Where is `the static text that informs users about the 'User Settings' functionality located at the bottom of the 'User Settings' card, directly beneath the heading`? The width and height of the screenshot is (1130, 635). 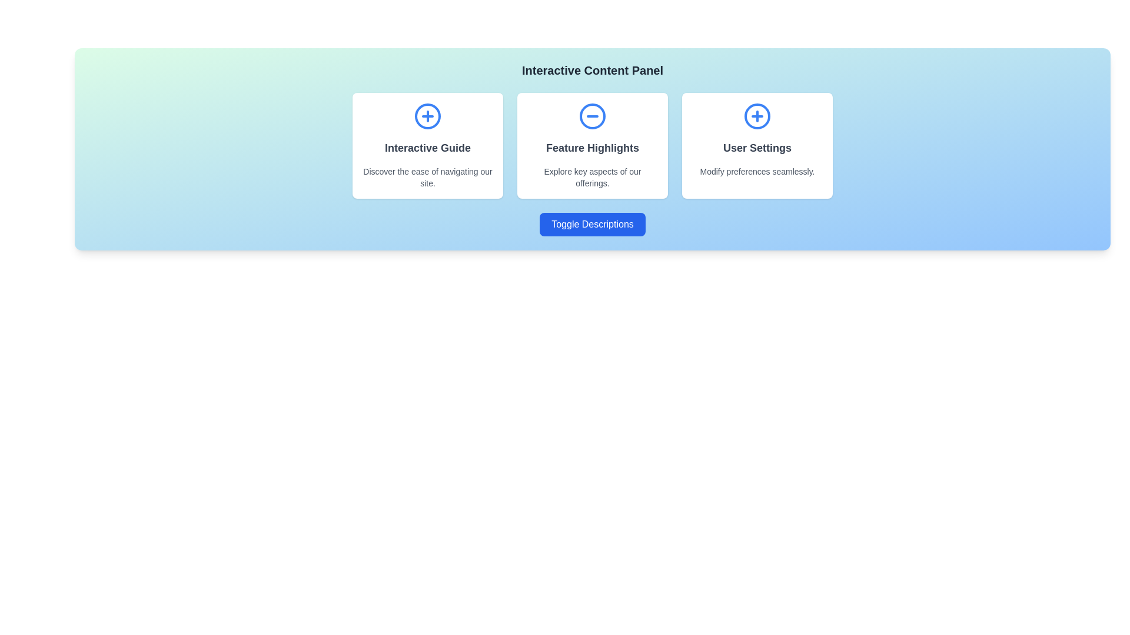
the static text that informs users about the 'User Settings' functionality located at the bottom of the 'User Settings' card, directly beneath the heading is located at coordinates (757, 172).